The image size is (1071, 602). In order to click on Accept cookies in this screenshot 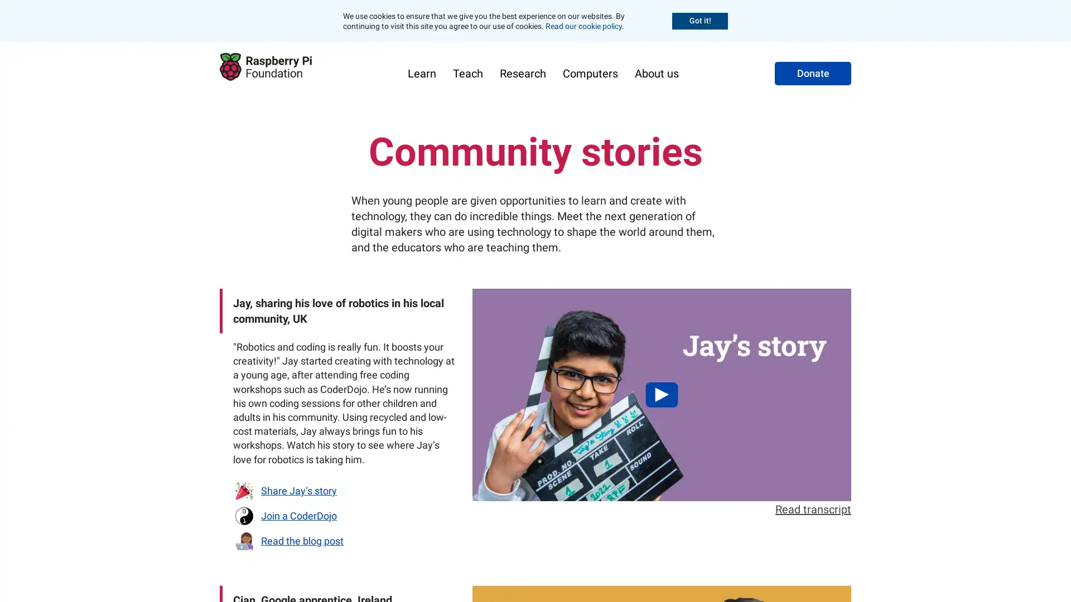, I will do `click(699, 21)`.